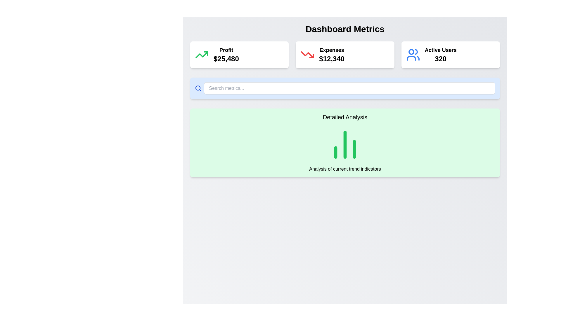 The height and width of the screenshot is (315, 561). Describe the element at coordinates (226, 59) in the screenshot. I see `the static text label displaying the numerical value '$25,480' located under the title 'Profit' in the dashboard card` at that location.